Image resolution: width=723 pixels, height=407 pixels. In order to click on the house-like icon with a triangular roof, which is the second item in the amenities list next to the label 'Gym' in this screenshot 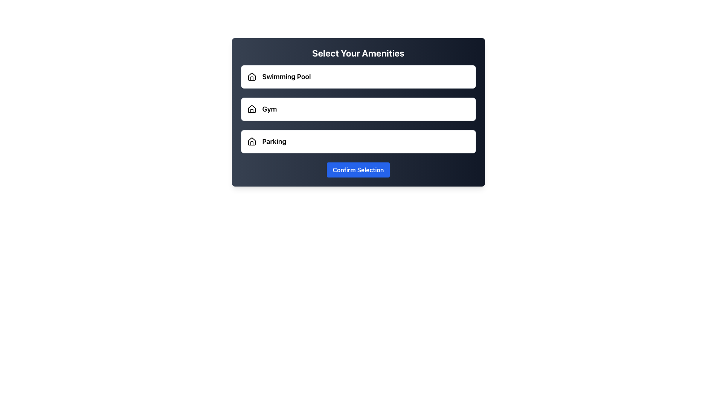, I will do `click(252, 109)`.